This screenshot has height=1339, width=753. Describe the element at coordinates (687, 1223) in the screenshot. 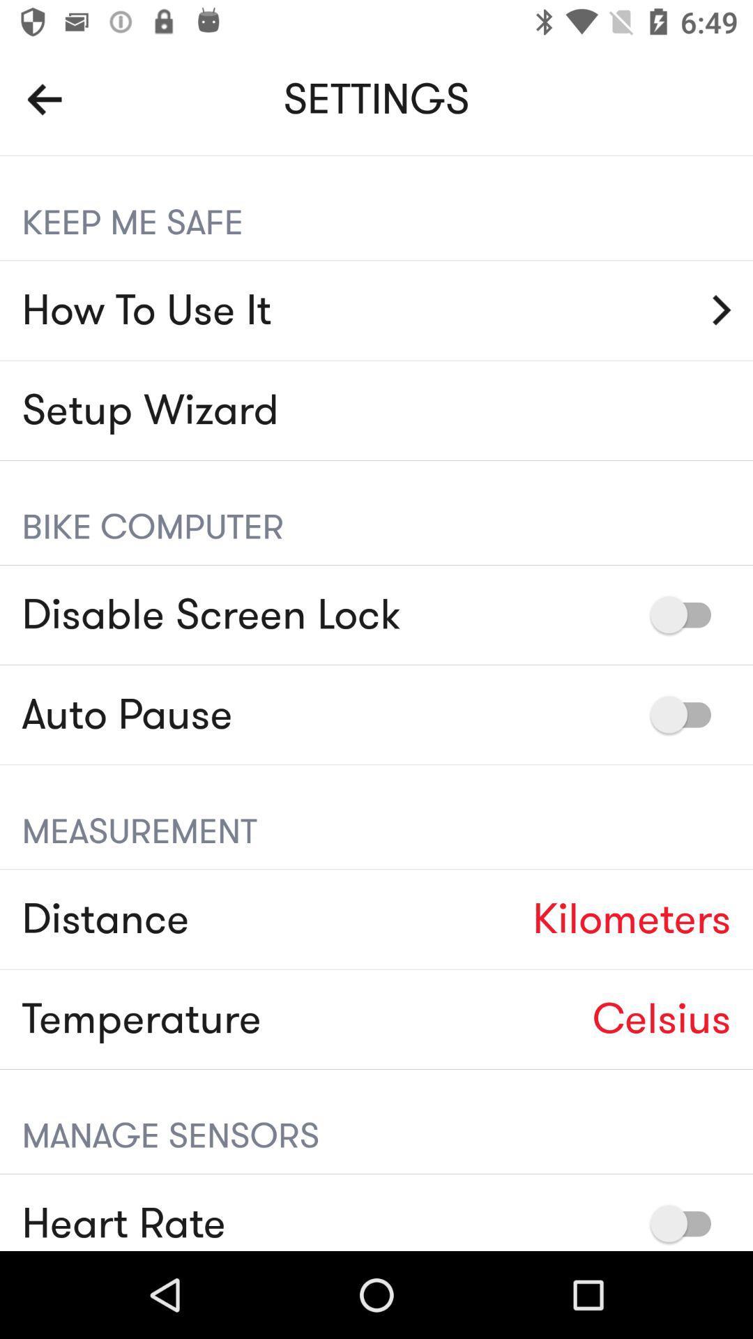

I see `heart rate sensor` at that location.